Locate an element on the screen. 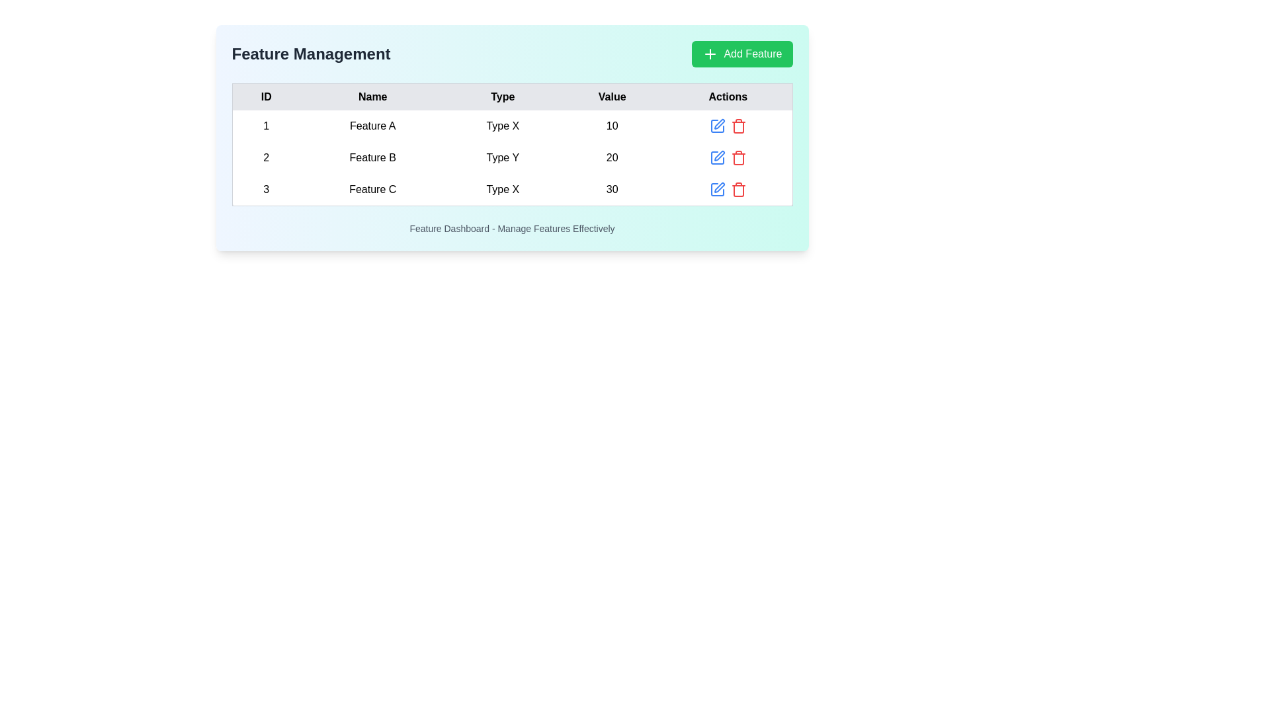 Image resolution: width=1270 pixels, height=714 pixels. the table cell representing the unique identifier for an item, located in the first row and first column under the 'ID' header is located at coordinates (265, 126).